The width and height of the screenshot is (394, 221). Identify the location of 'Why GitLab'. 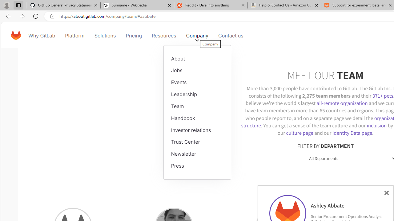
(42, 35).